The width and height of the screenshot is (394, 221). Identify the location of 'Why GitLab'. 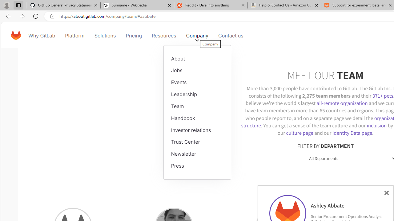
(42, 35).